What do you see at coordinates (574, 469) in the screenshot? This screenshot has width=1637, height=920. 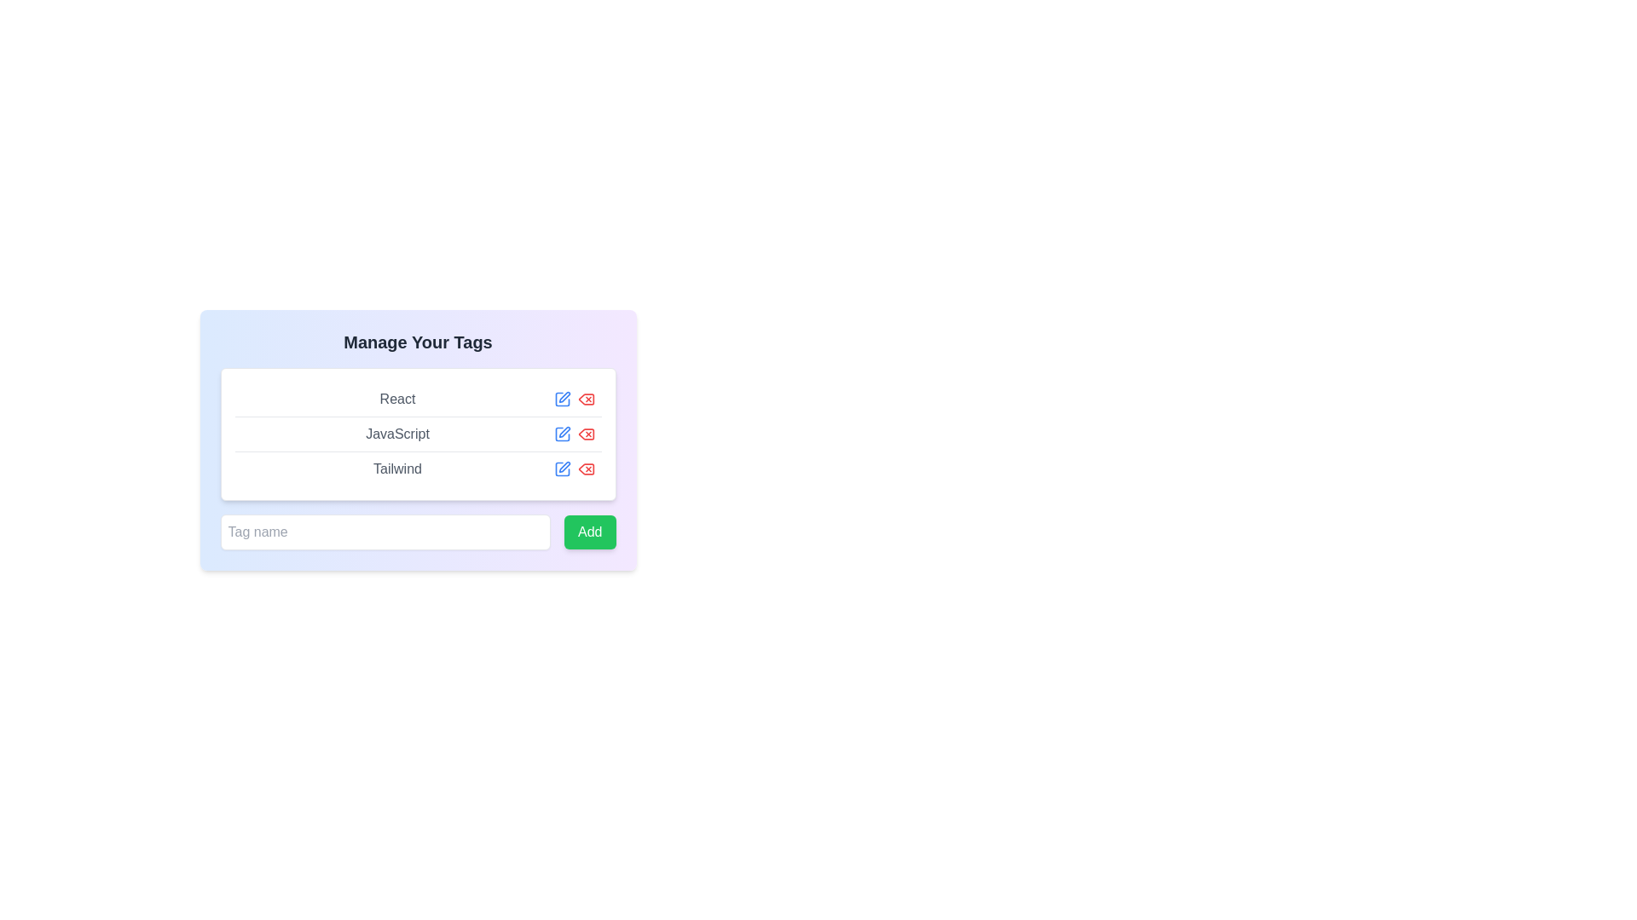 I see `the blue edit button in the interactive button group for the 'Tailwind' tag, located to the far right of the row labeled 'Tailwind'` at bounding box center [574, 469].